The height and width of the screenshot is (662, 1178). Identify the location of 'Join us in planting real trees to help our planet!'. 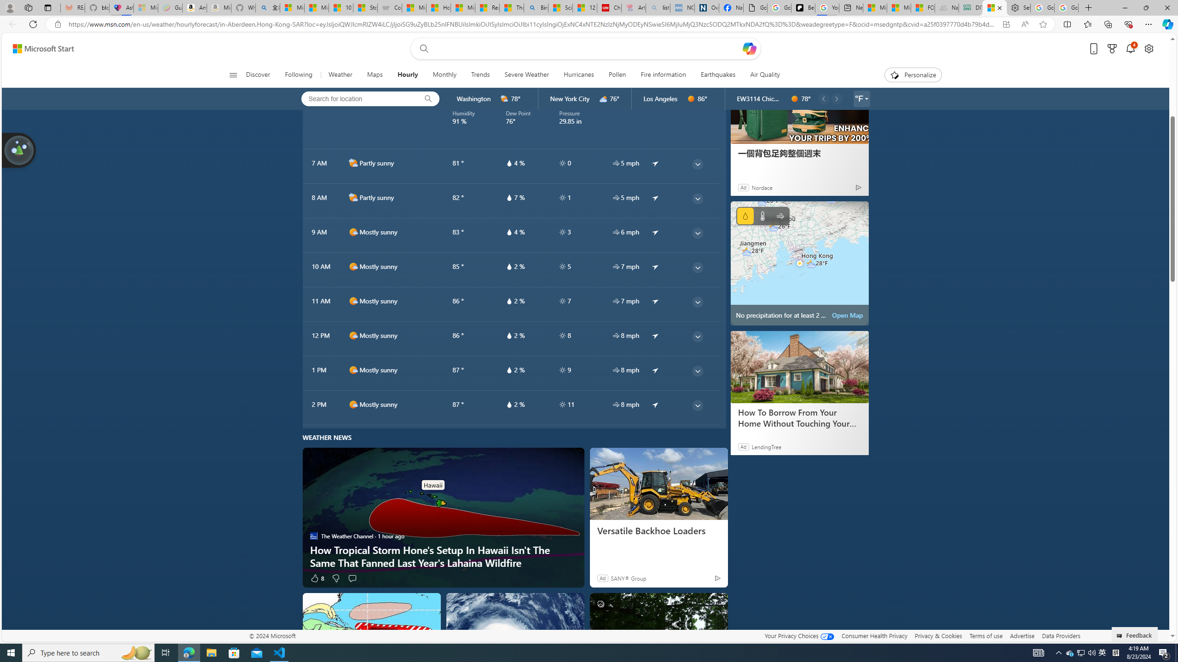
(19, 149).